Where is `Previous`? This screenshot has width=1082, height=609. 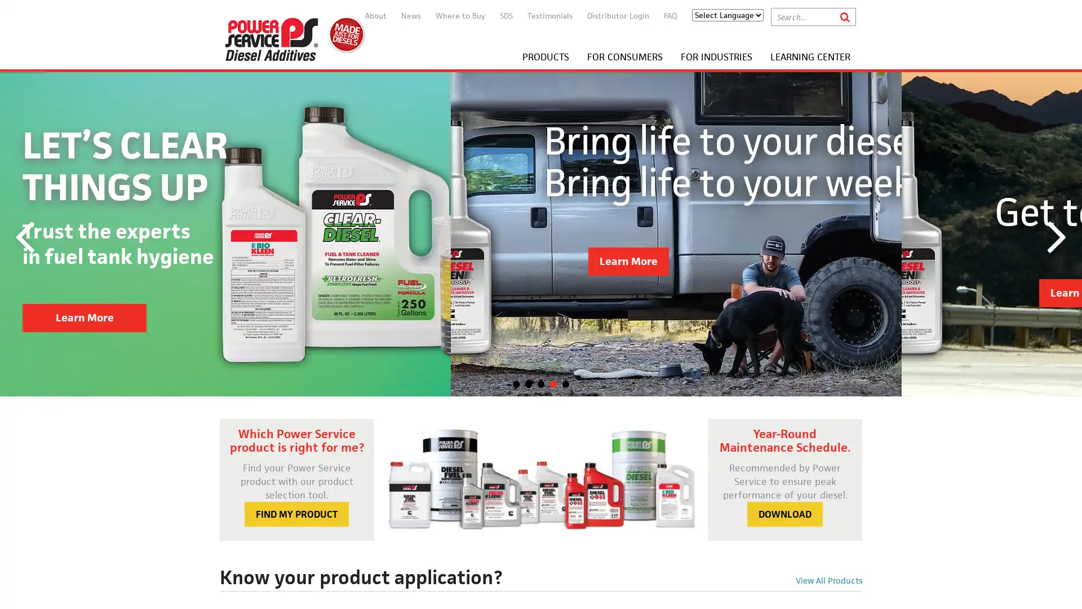
Previous is located at coordinates (24, 233).